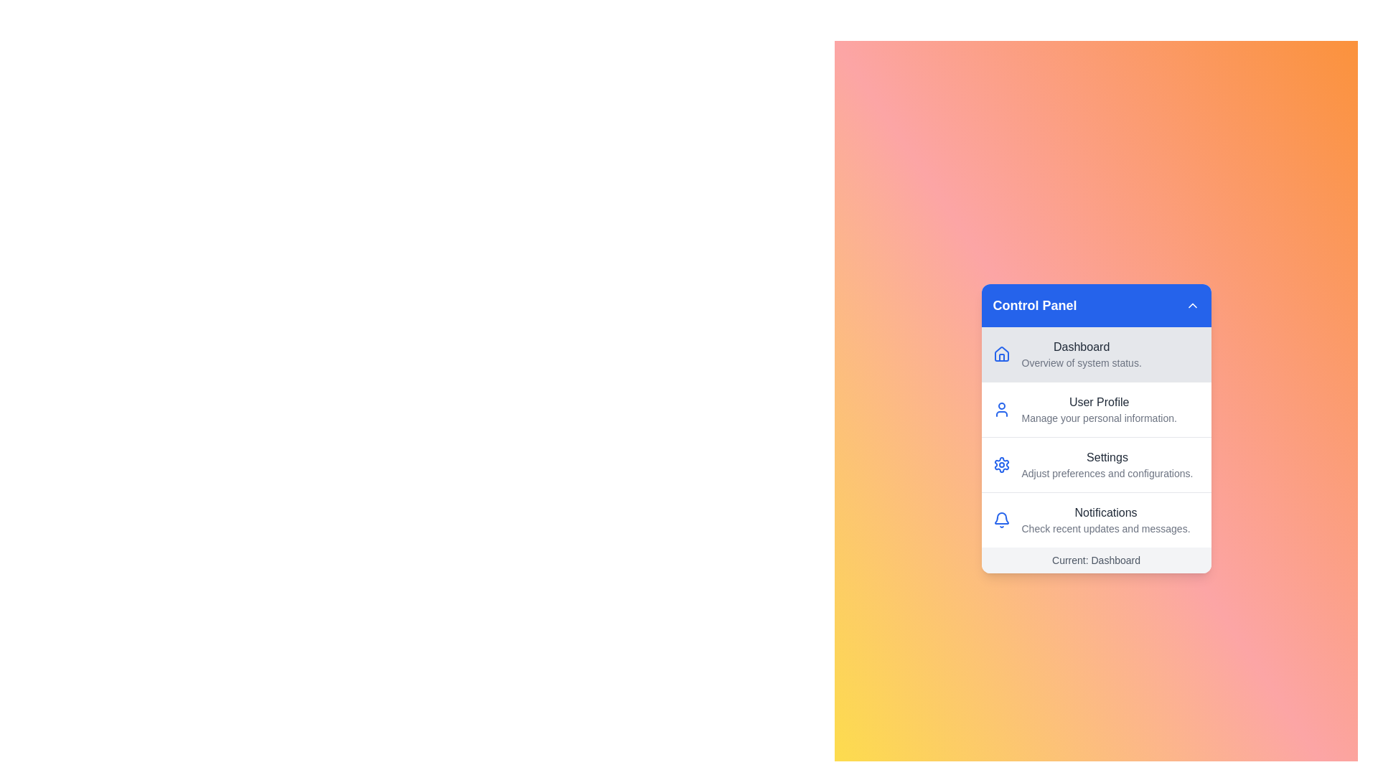 This screenshot has width=1378, height=775. Describe the element at coordinates (1095, 354) in the screenshot. I see `the menu item Dashboard to make it active` at that location.